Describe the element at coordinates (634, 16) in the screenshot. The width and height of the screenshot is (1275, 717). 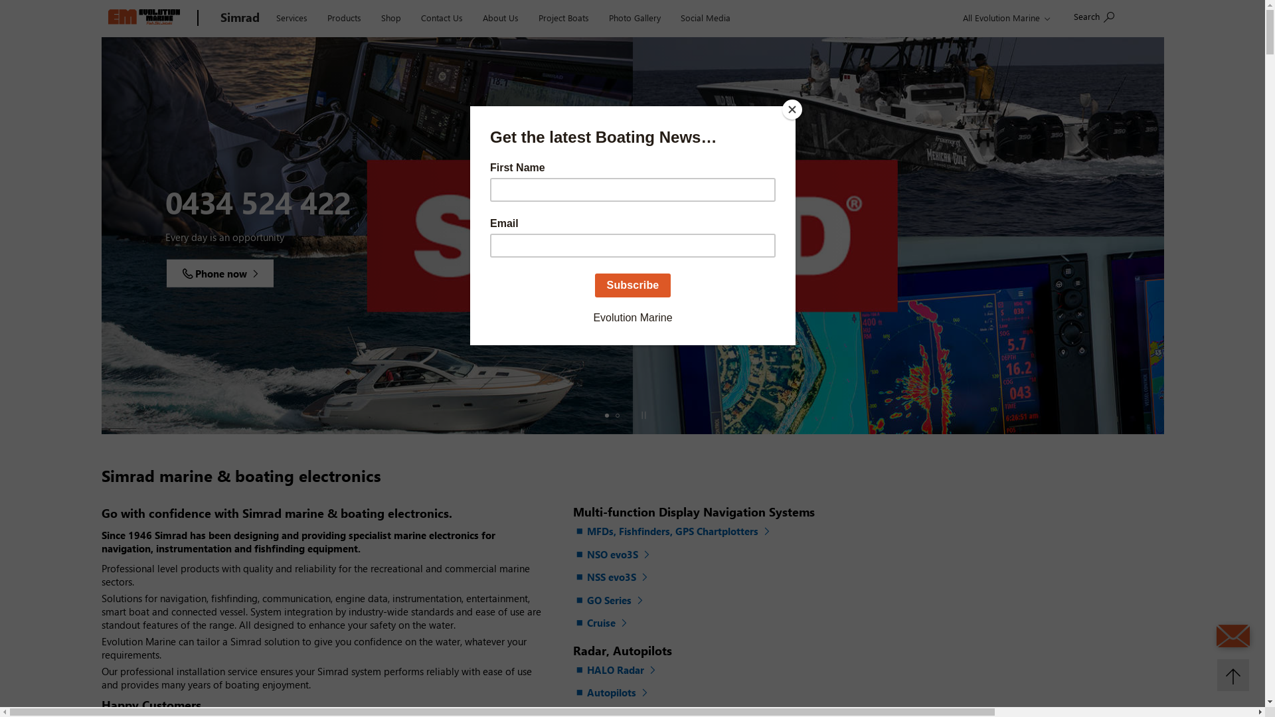
I see `'Photo Gallery'` at that location.